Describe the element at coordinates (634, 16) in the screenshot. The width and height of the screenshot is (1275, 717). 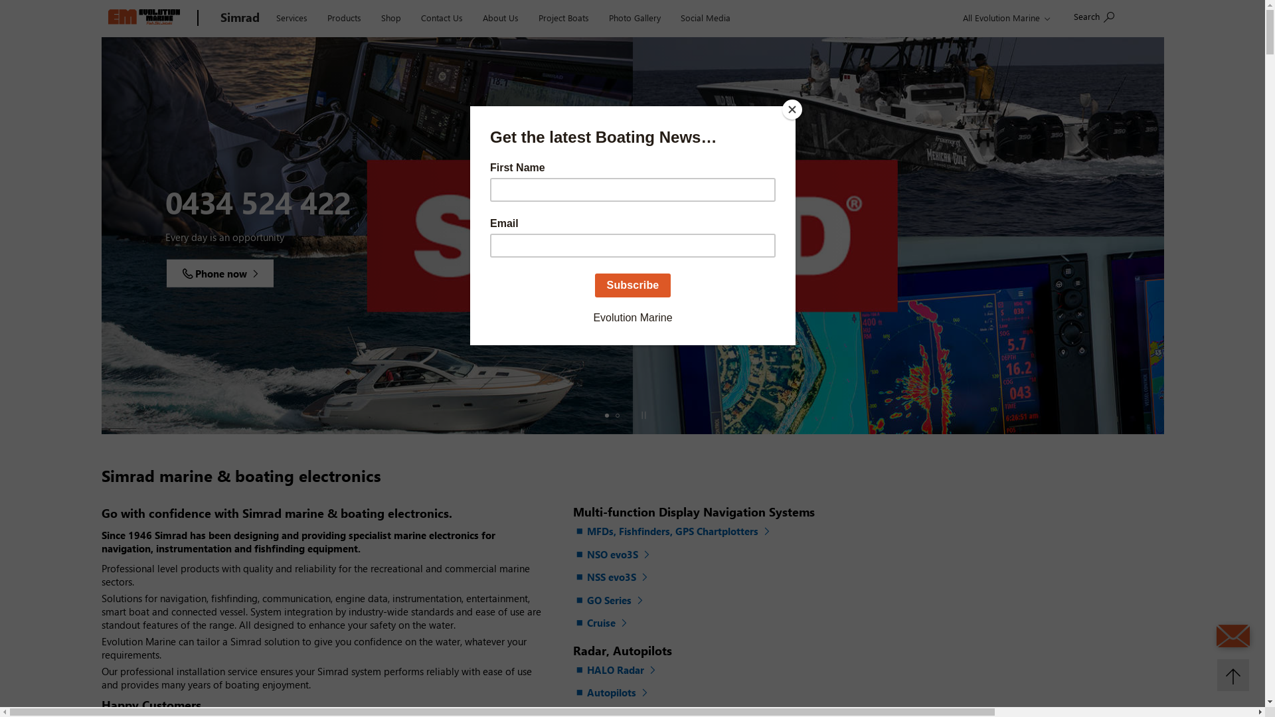
I see `'Photo Gallery'` at that location.